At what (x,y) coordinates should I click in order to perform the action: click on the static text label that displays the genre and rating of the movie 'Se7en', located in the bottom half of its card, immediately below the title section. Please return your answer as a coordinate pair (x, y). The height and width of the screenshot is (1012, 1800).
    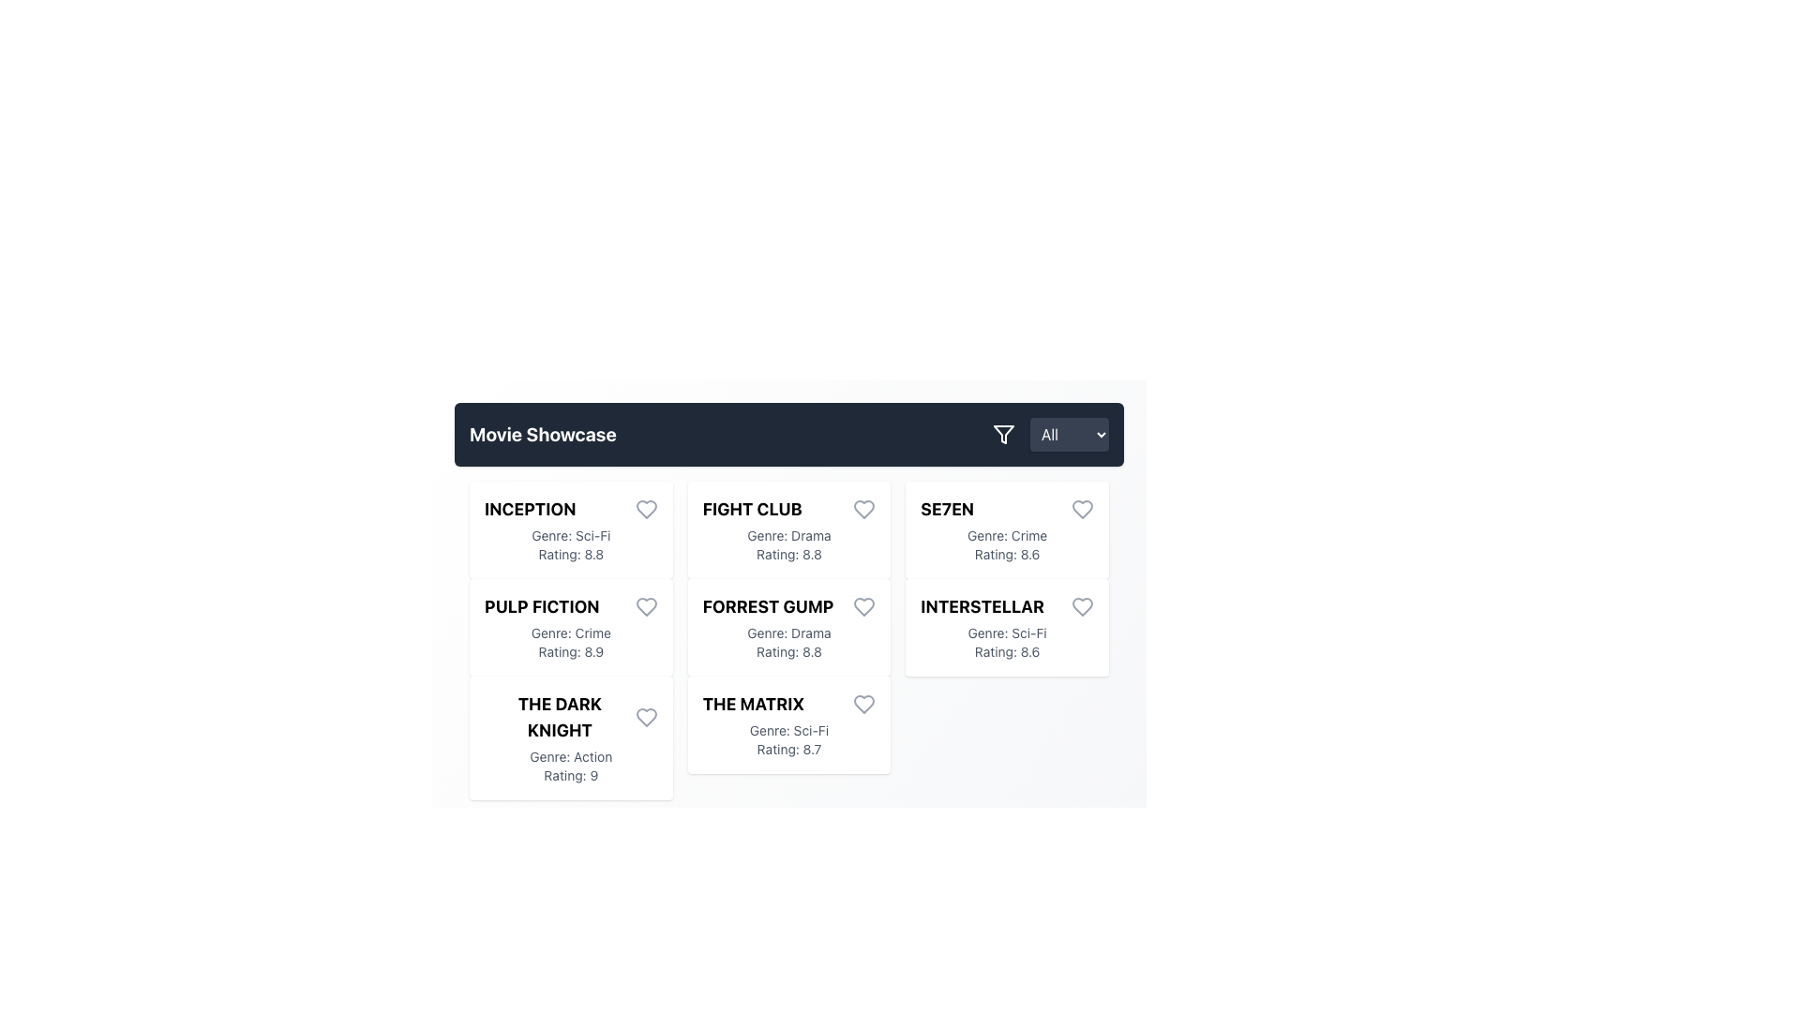
    Looking at the image, I should click on (1006, 545).